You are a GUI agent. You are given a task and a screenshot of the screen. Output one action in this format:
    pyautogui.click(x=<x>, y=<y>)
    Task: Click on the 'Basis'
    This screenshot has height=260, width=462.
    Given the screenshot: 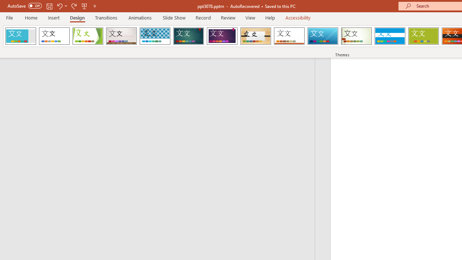 What is the action you would take?
    pyautogui.click(x=423, y=36)
    